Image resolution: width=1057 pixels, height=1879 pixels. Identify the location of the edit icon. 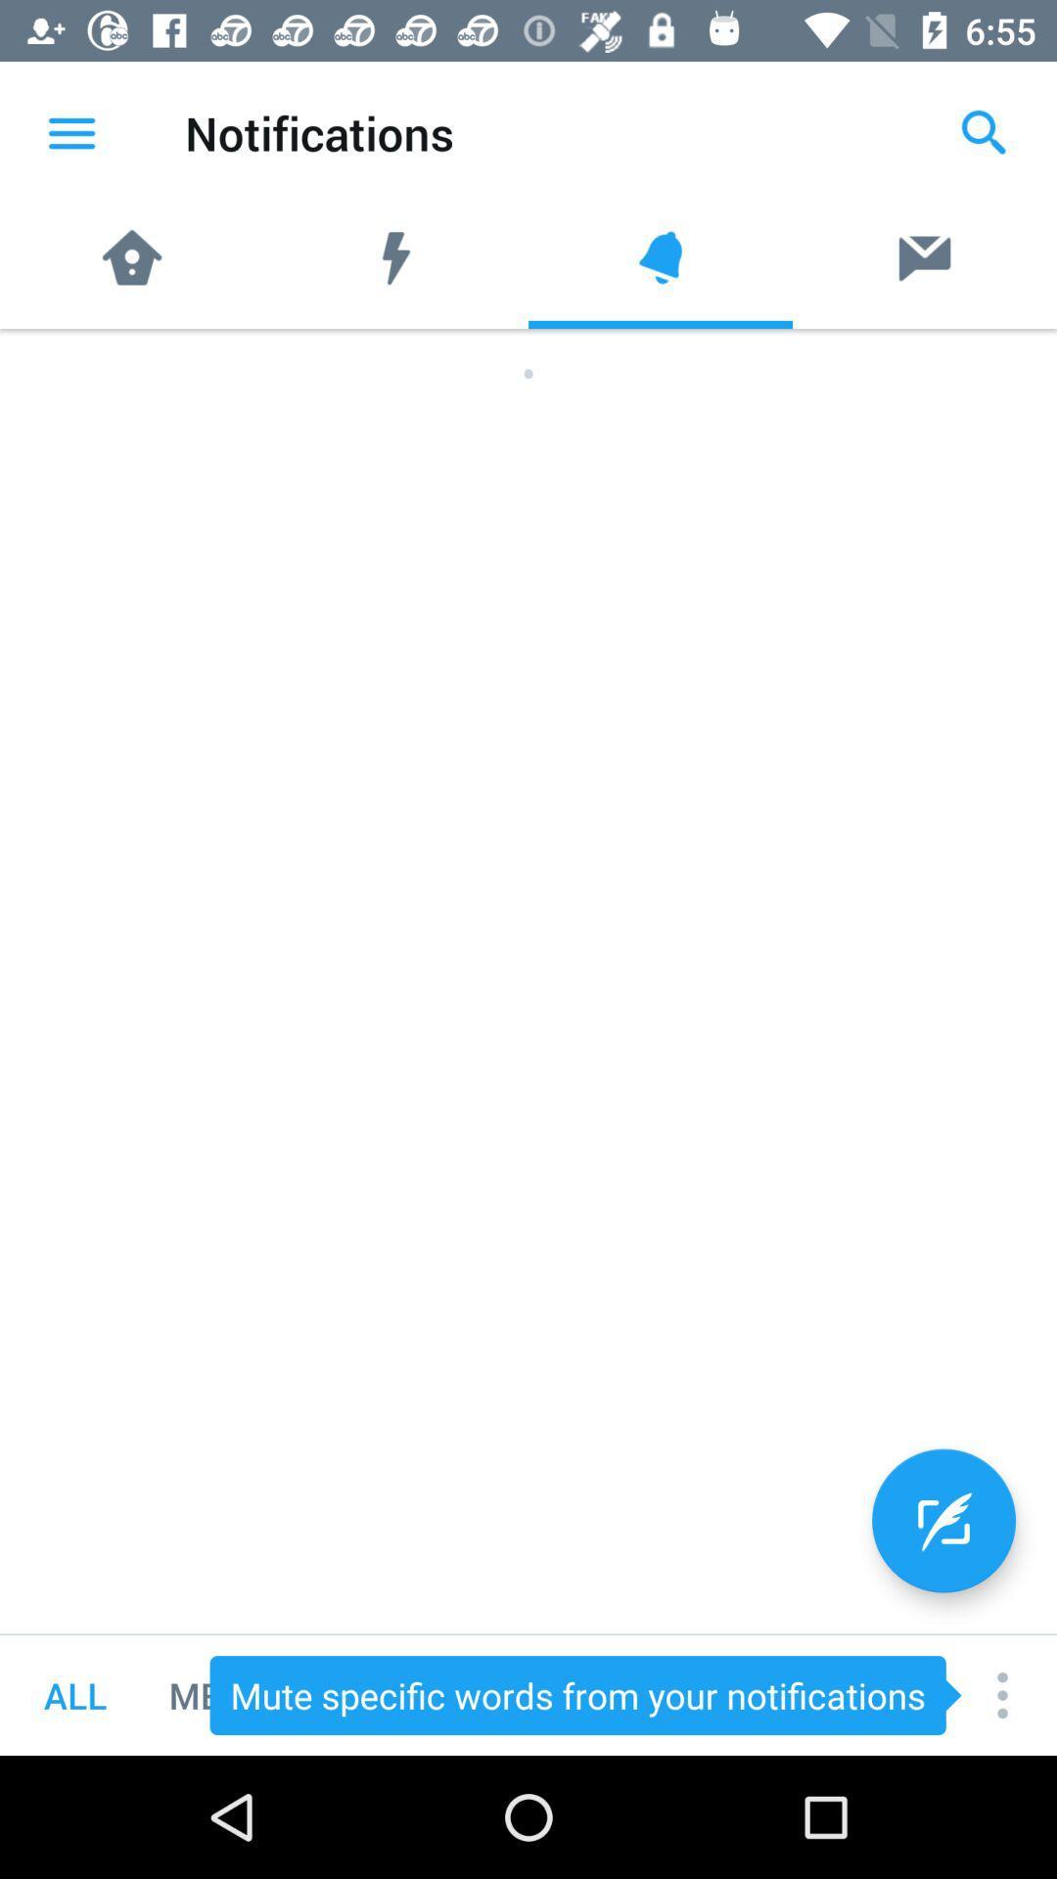
(942, 1520).